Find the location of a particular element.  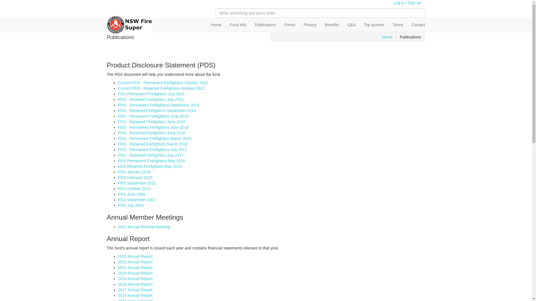

'PDS June 2009' is located at coordinates (131, 194).